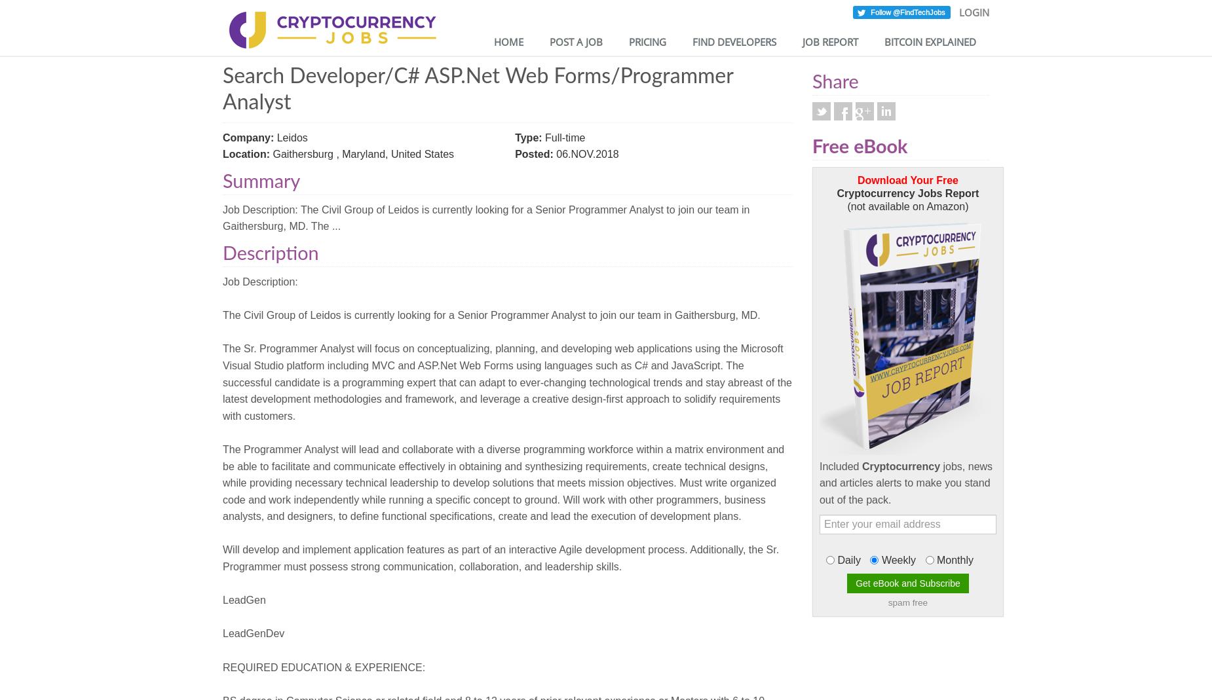  I want to click on 'Search Developer/C# ASP.Net Web Forms/Programmer Analyst', so click(222, 88).